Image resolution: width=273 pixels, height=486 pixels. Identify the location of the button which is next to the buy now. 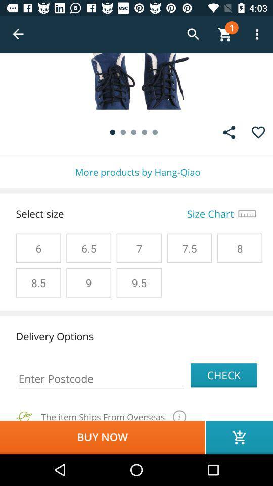
(239, 437).